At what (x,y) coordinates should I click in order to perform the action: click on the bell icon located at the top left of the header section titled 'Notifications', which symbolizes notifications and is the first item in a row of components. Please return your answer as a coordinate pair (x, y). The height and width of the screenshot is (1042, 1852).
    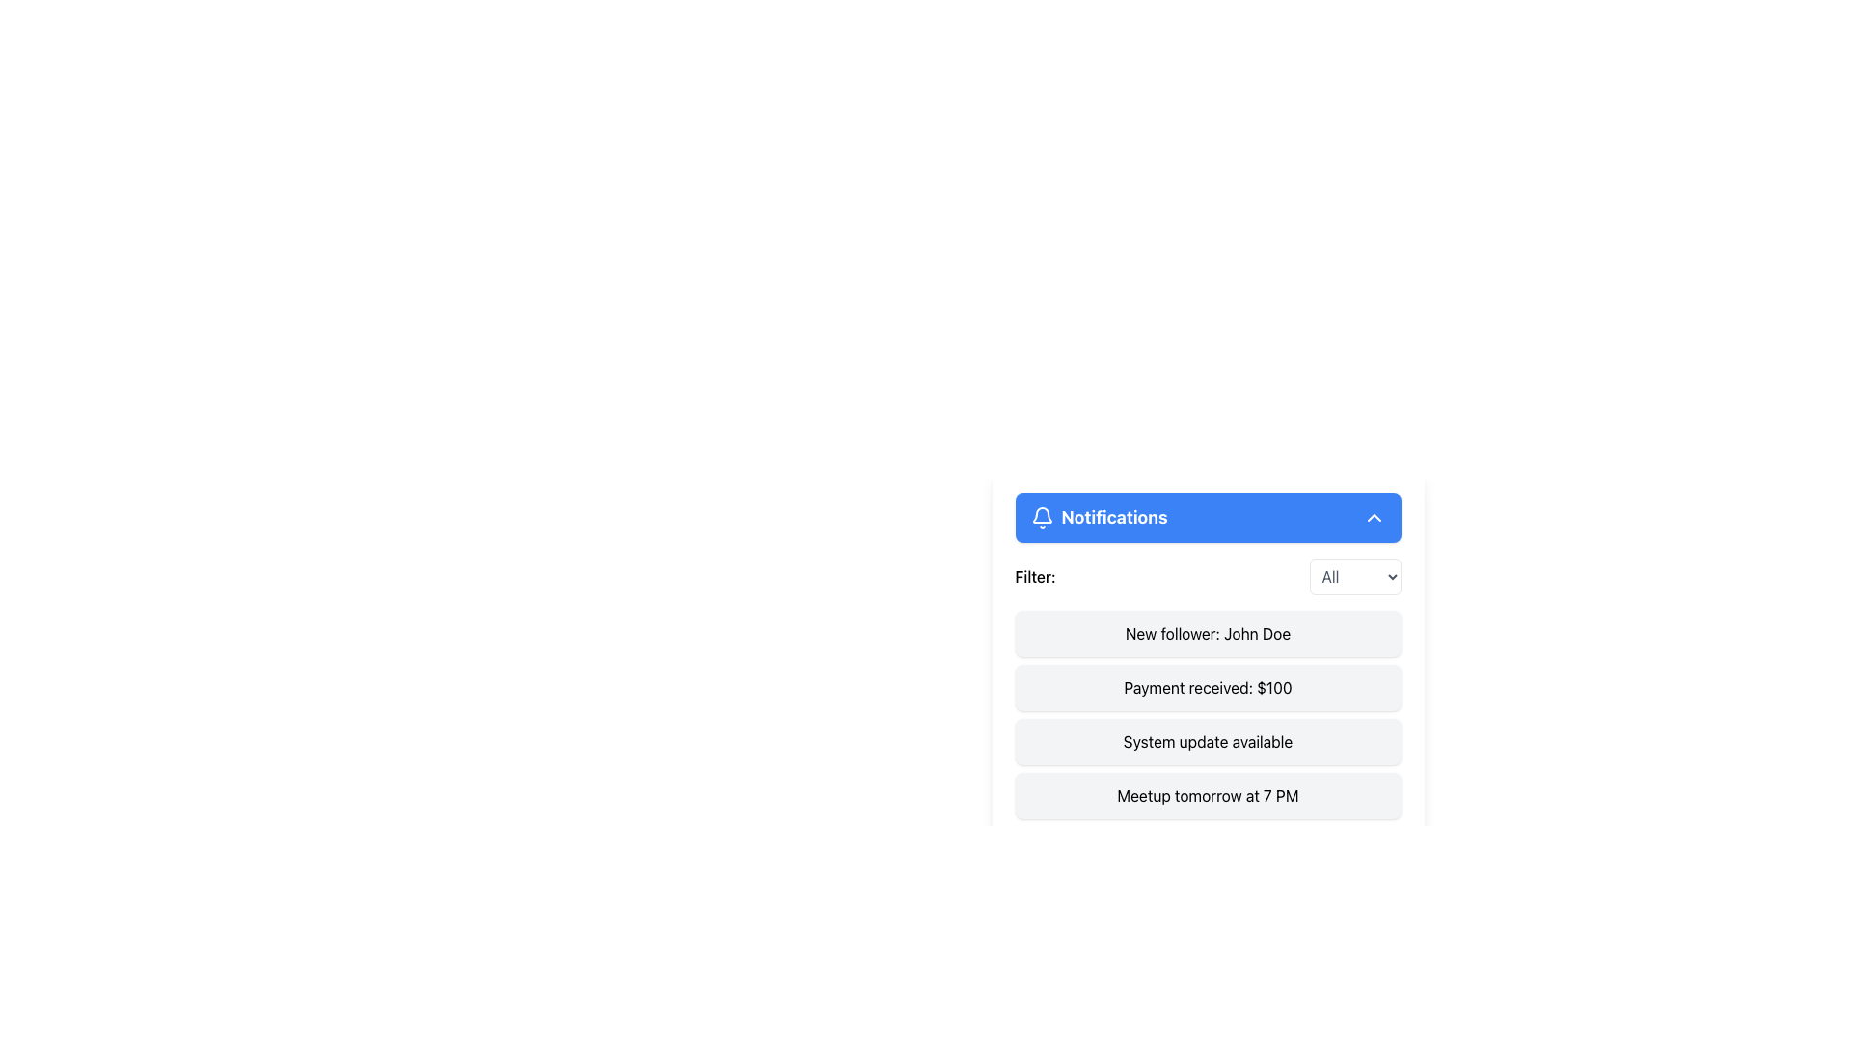
    Looking at the image, I should click on (1041, 516).